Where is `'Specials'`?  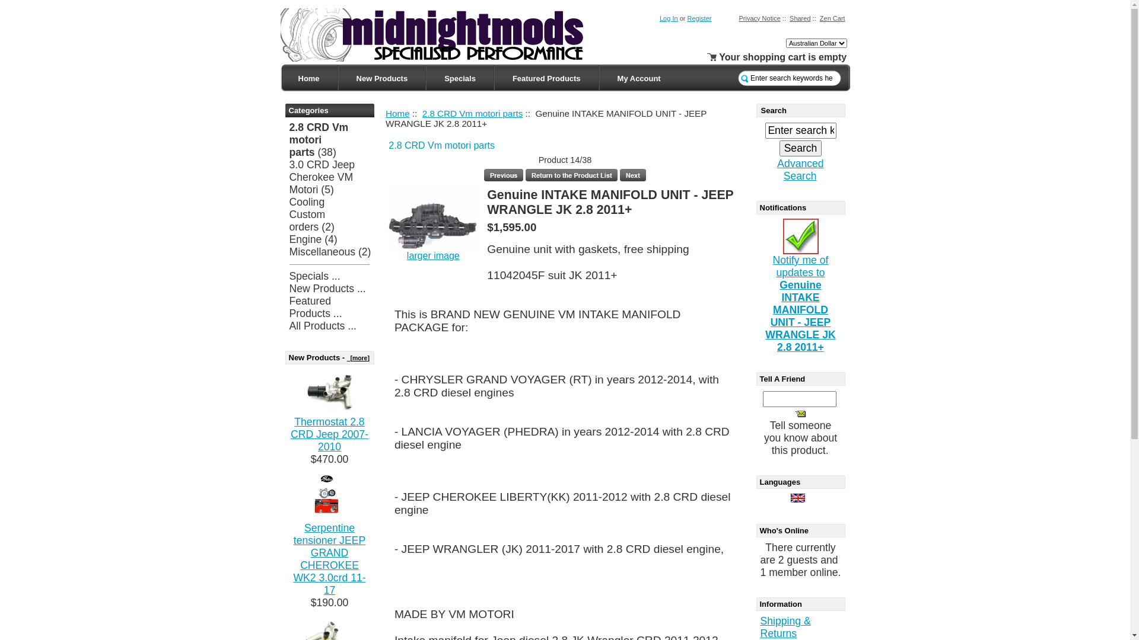
'Specials' is located at coordinates (459, 78).